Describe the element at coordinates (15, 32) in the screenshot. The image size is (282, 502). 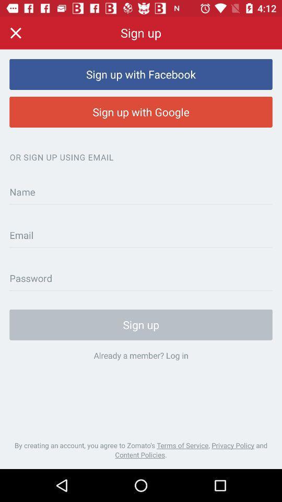
I see `the close icon` at that location.